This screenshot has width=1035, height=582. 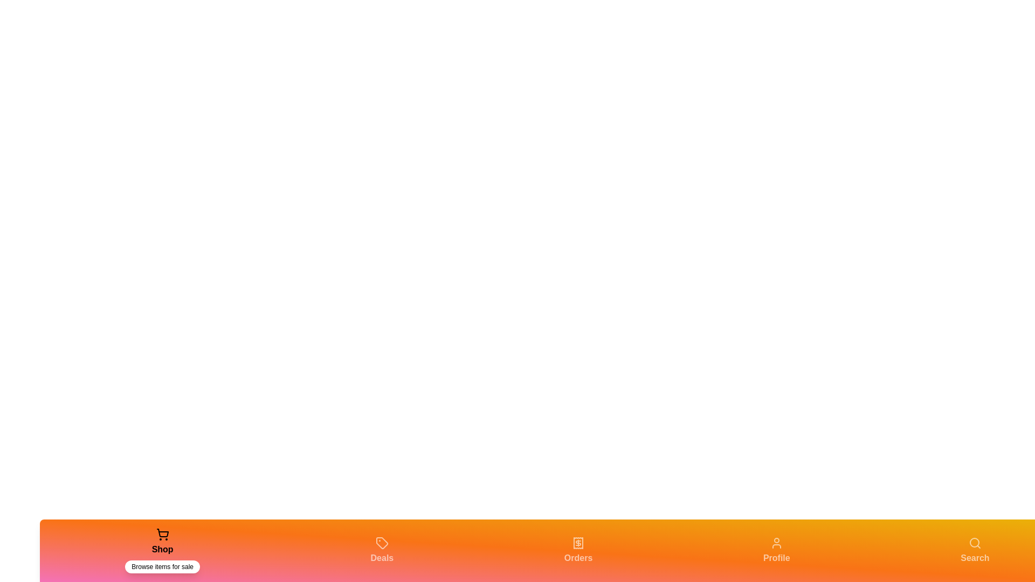 I want to click on the Profile tab in the navigation bar, so click(x=776, y=551).